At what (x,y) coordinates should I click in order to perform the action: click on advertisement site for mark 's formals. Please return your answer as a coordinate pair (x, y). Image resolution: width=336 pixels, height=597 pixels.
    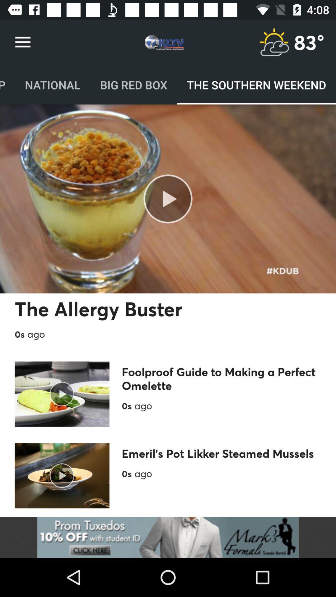
    Looking at the image, I should click on (168, 537).